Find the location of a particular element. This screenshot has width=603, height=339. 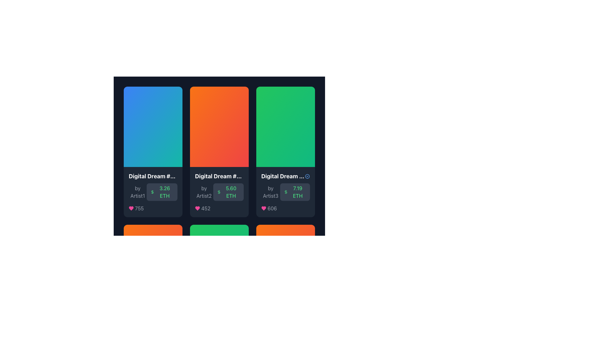

the Decorative area element with a vertical gradient background transitioning from blue to teal, located at the top of the first card in a horizontally-aligned list is located at coordinates (153, 127).